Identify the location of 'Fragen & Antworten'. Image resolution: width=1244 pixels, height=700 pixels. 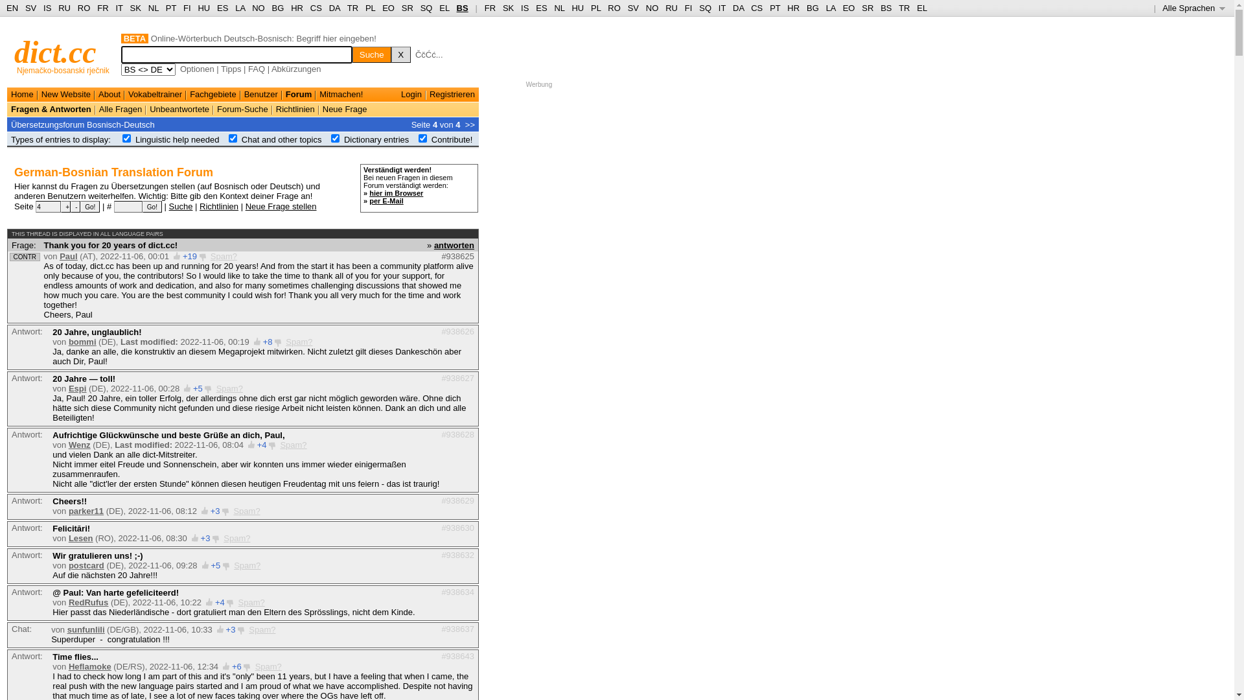
(11, 108).